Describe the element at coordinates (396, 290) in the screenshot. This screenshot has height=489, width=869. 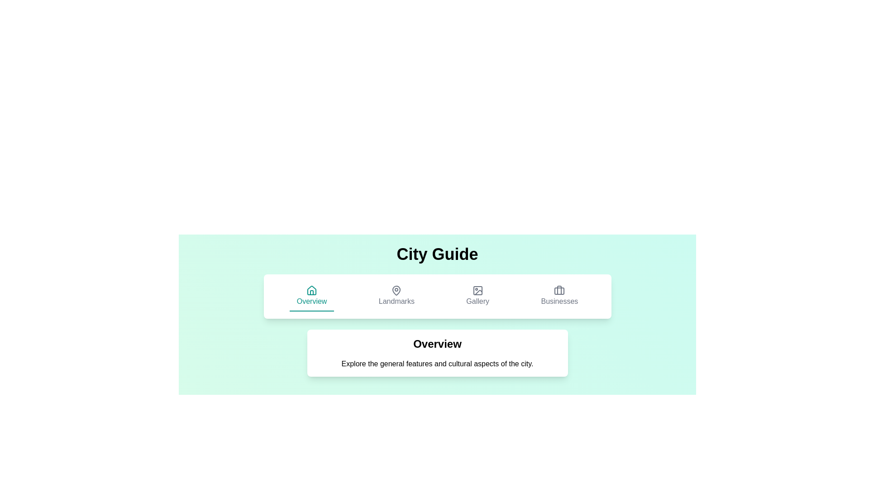
I see `the 'Landmarks' icon in the horizontal navigation bar` at that location.